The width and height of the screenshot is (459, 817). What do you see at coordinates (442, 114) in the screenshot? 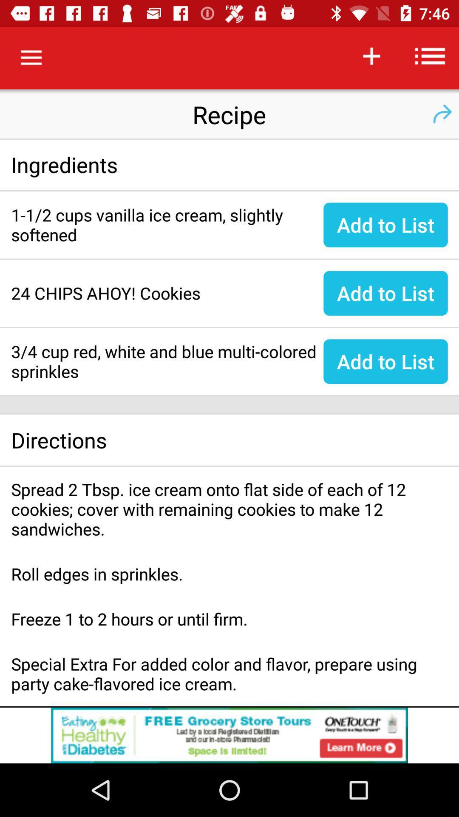
I see `the redo icon` at bounding box center [442, 114].